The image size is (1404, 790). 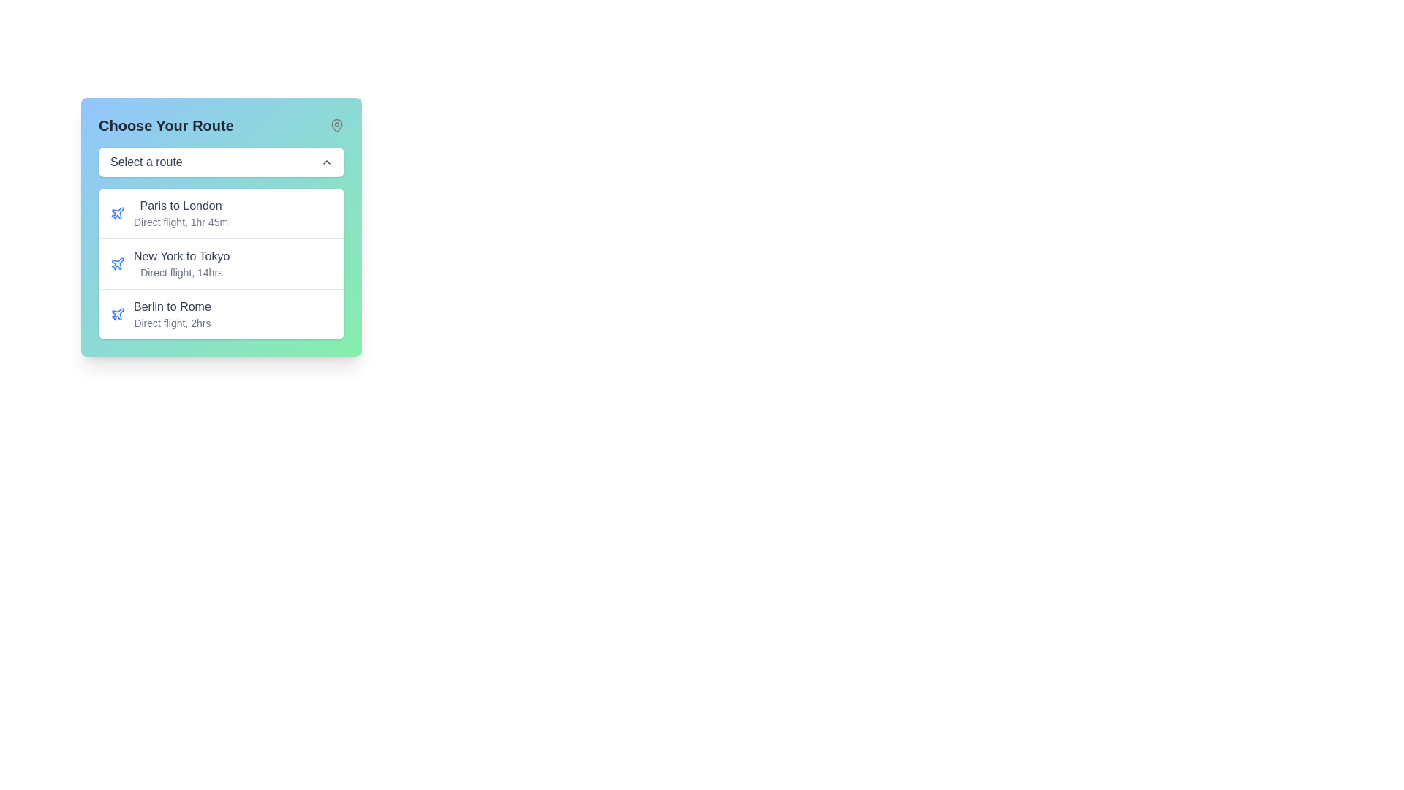 I want to click on the first list item displaying the travel route information 'Paris to London', so click(x=169, y=214).